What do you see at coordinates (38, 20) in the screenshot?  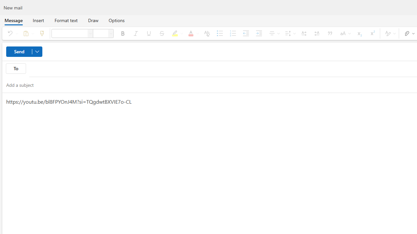 I see `'Insert'` at bounding box center [38, 20].